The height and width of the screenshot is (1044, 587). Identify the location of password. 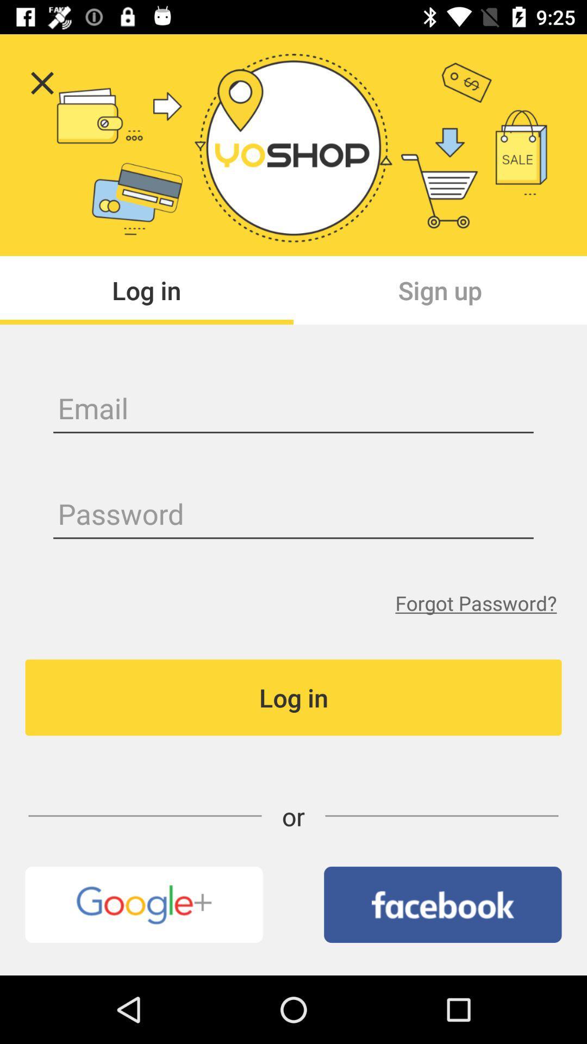
(293, 515).